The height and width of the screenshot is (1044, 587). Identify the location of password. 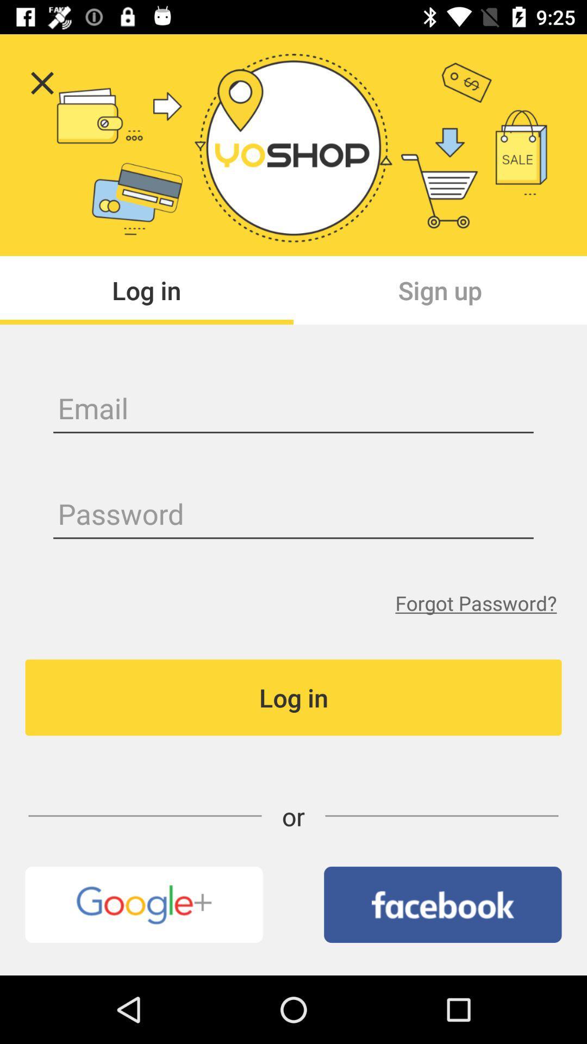
(293, 515).